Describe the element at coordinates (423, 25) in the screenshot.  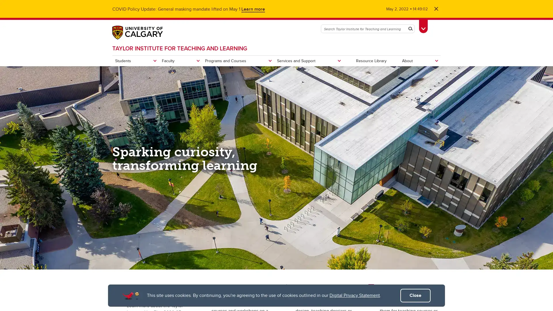
I see `Toggle Toolbox` at that location.